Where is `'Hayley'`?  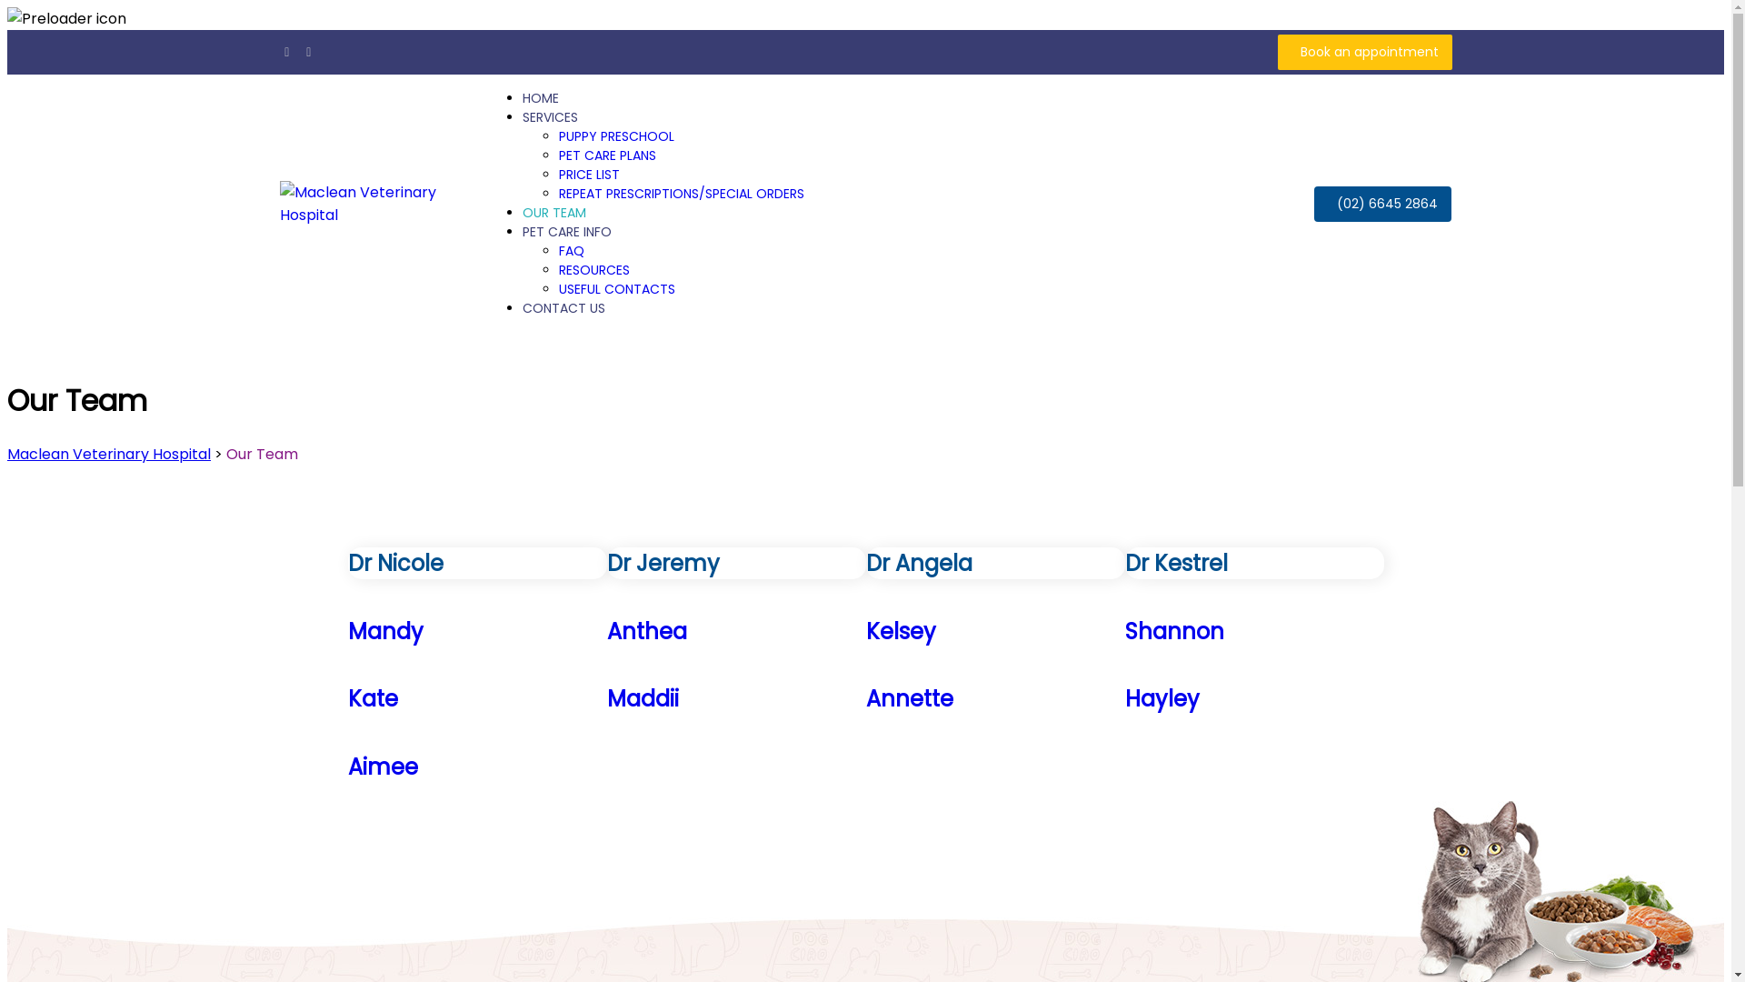 'Hayley' is located at coordinates (1124, 697).